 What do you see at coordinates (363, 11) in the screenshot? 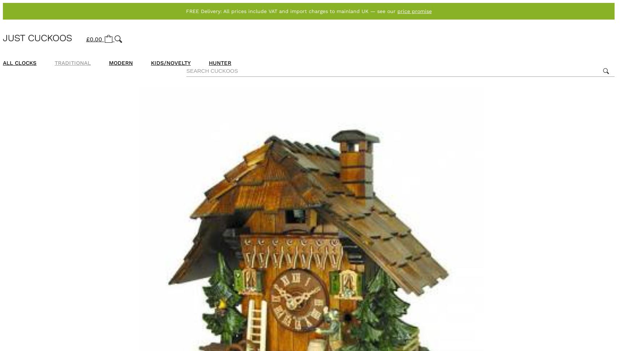
I see `'to mainland UK — see our'` at bounding box center [363, 11].